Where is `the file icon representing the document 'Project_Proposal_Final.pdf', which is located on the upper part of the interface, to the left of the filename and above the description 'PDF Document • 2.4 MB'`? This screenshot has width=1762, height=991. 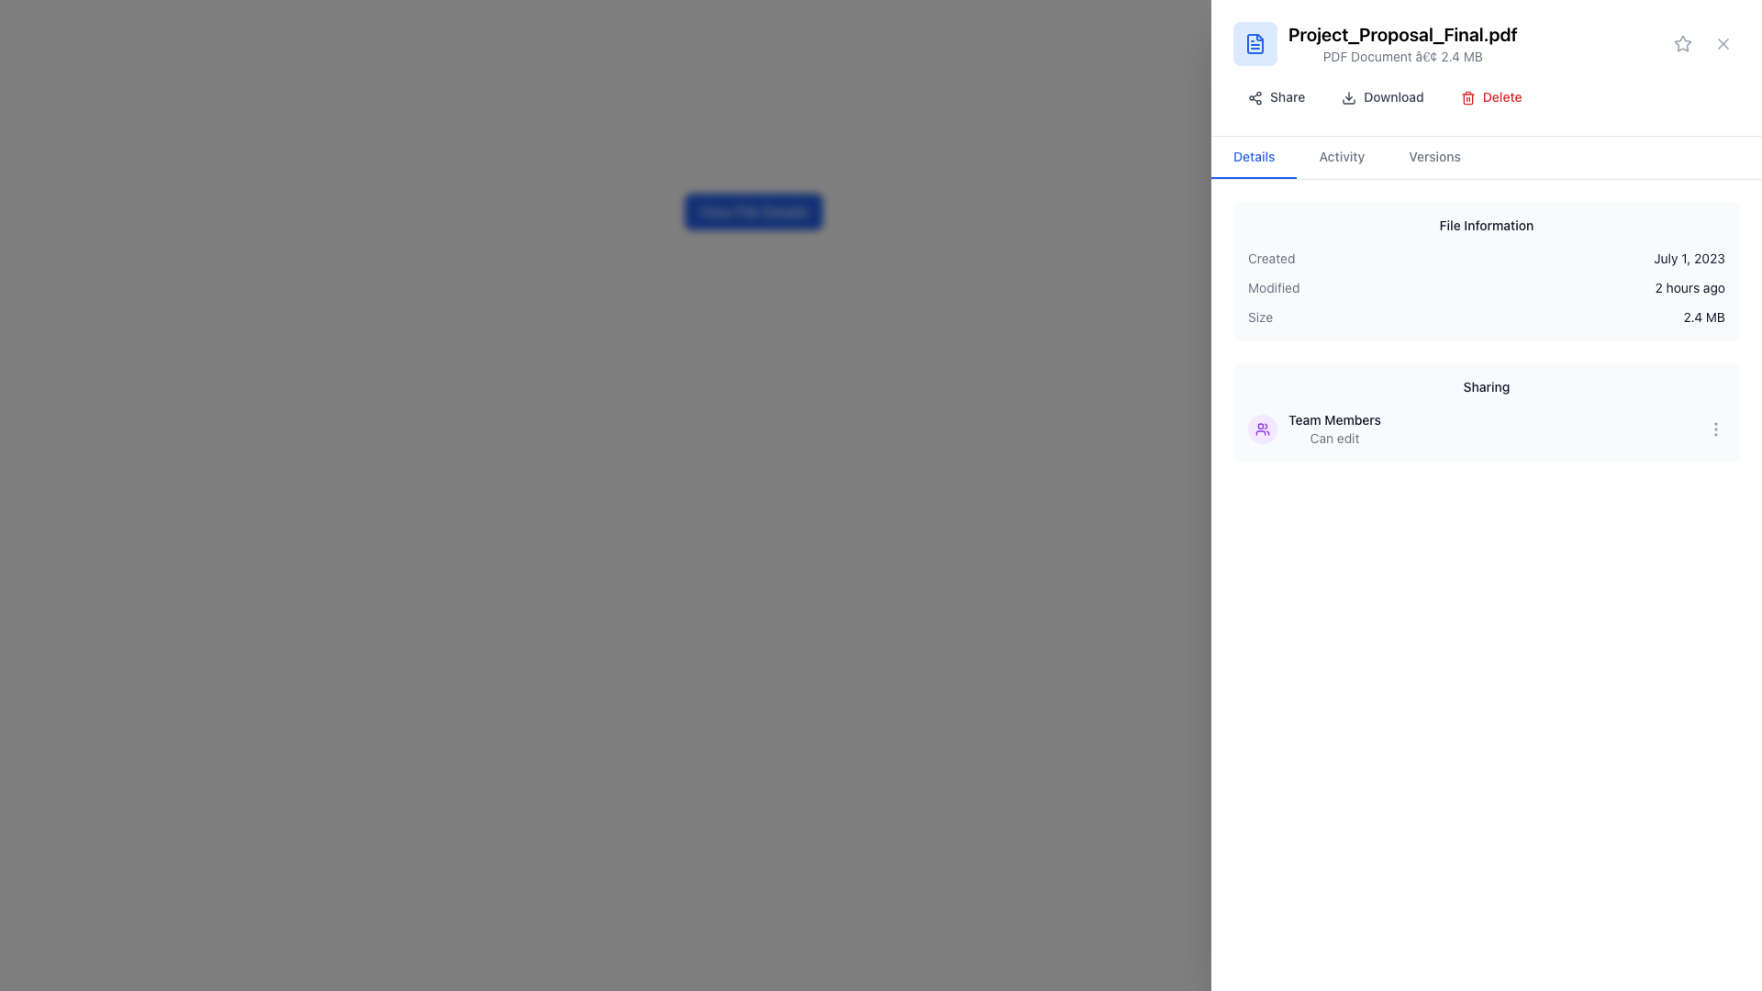 the file icon representing the document 'Project_Proposal_Final.pdf', which is located on the upper part of the interface, to the left of the filename and above the description 'PDF Document • 2.4 MB' is located at coordinates (1255, 42).